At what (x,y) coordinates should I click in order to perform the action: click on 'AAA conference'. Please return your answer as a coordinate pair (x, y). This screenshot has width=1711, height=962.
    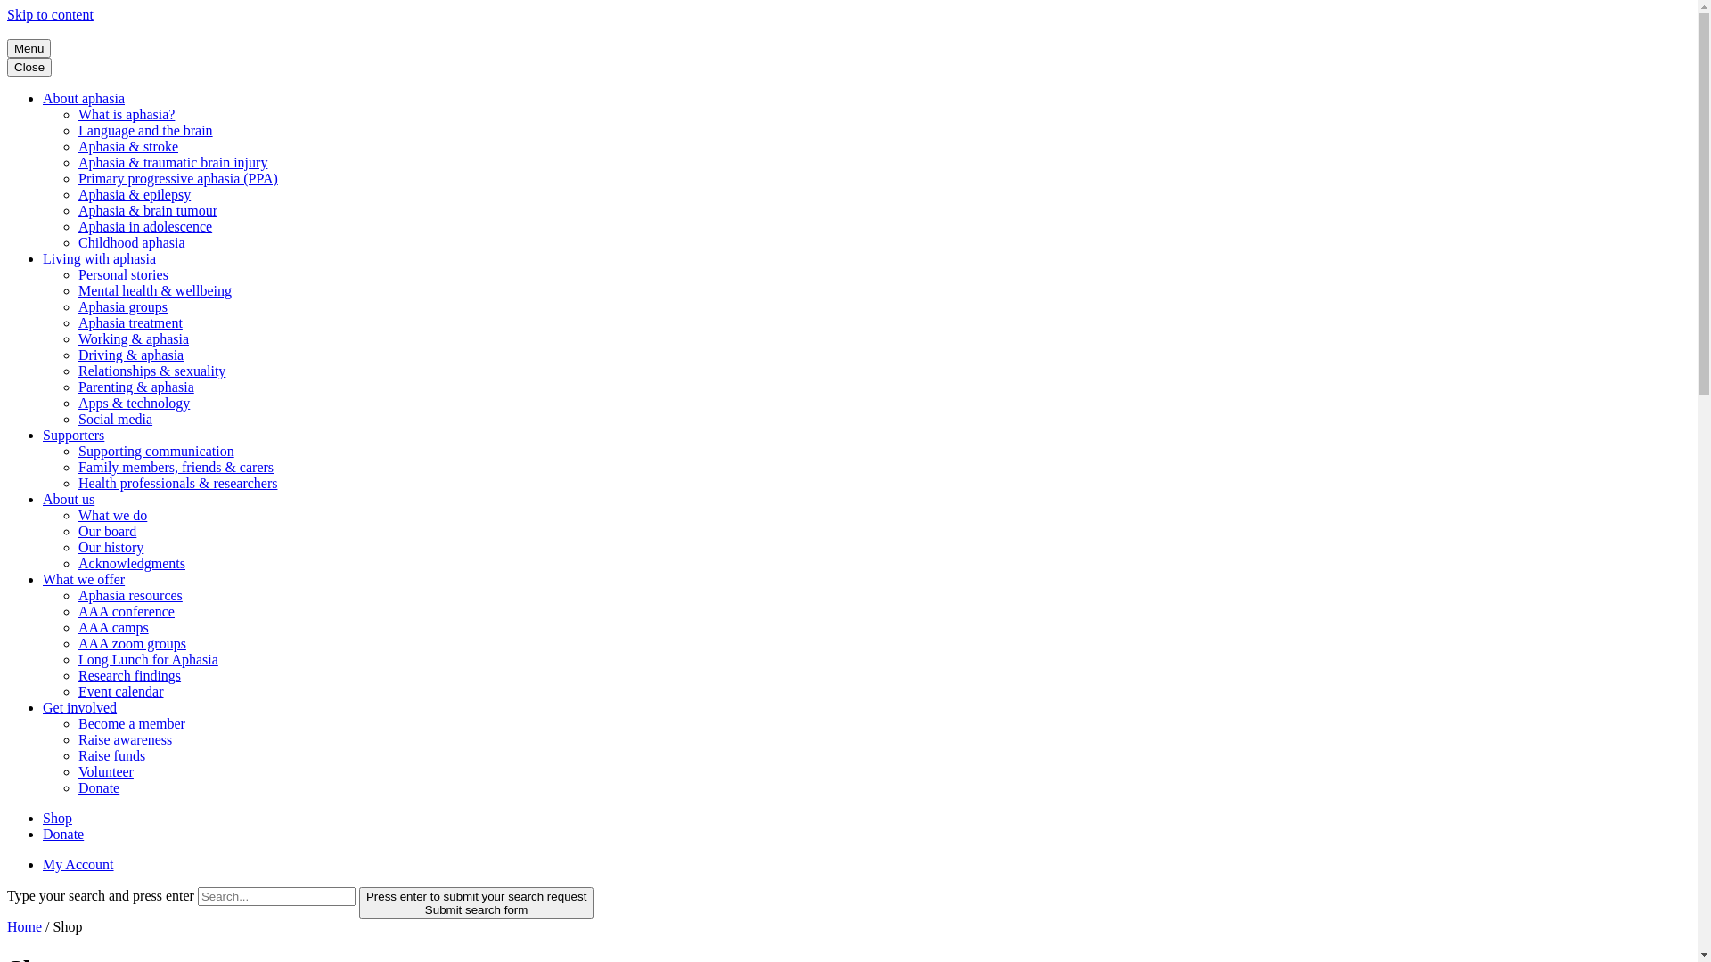
    Looking at the image, I should click on (126, 610).